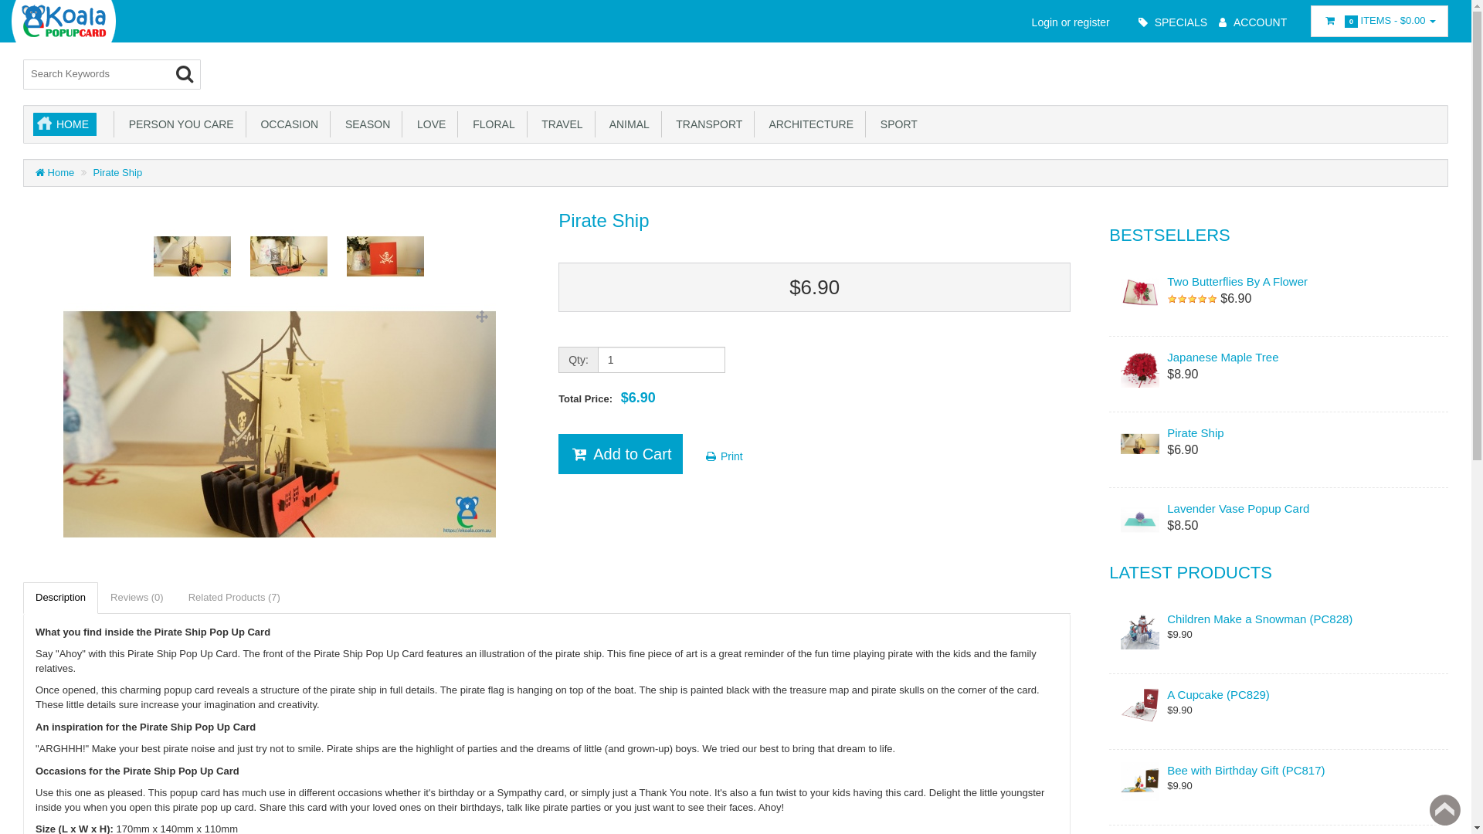  What do you see at coordinates (429, 124) in the screenshot?
I see `'  LOVE'` at bounding box center [429, 124].